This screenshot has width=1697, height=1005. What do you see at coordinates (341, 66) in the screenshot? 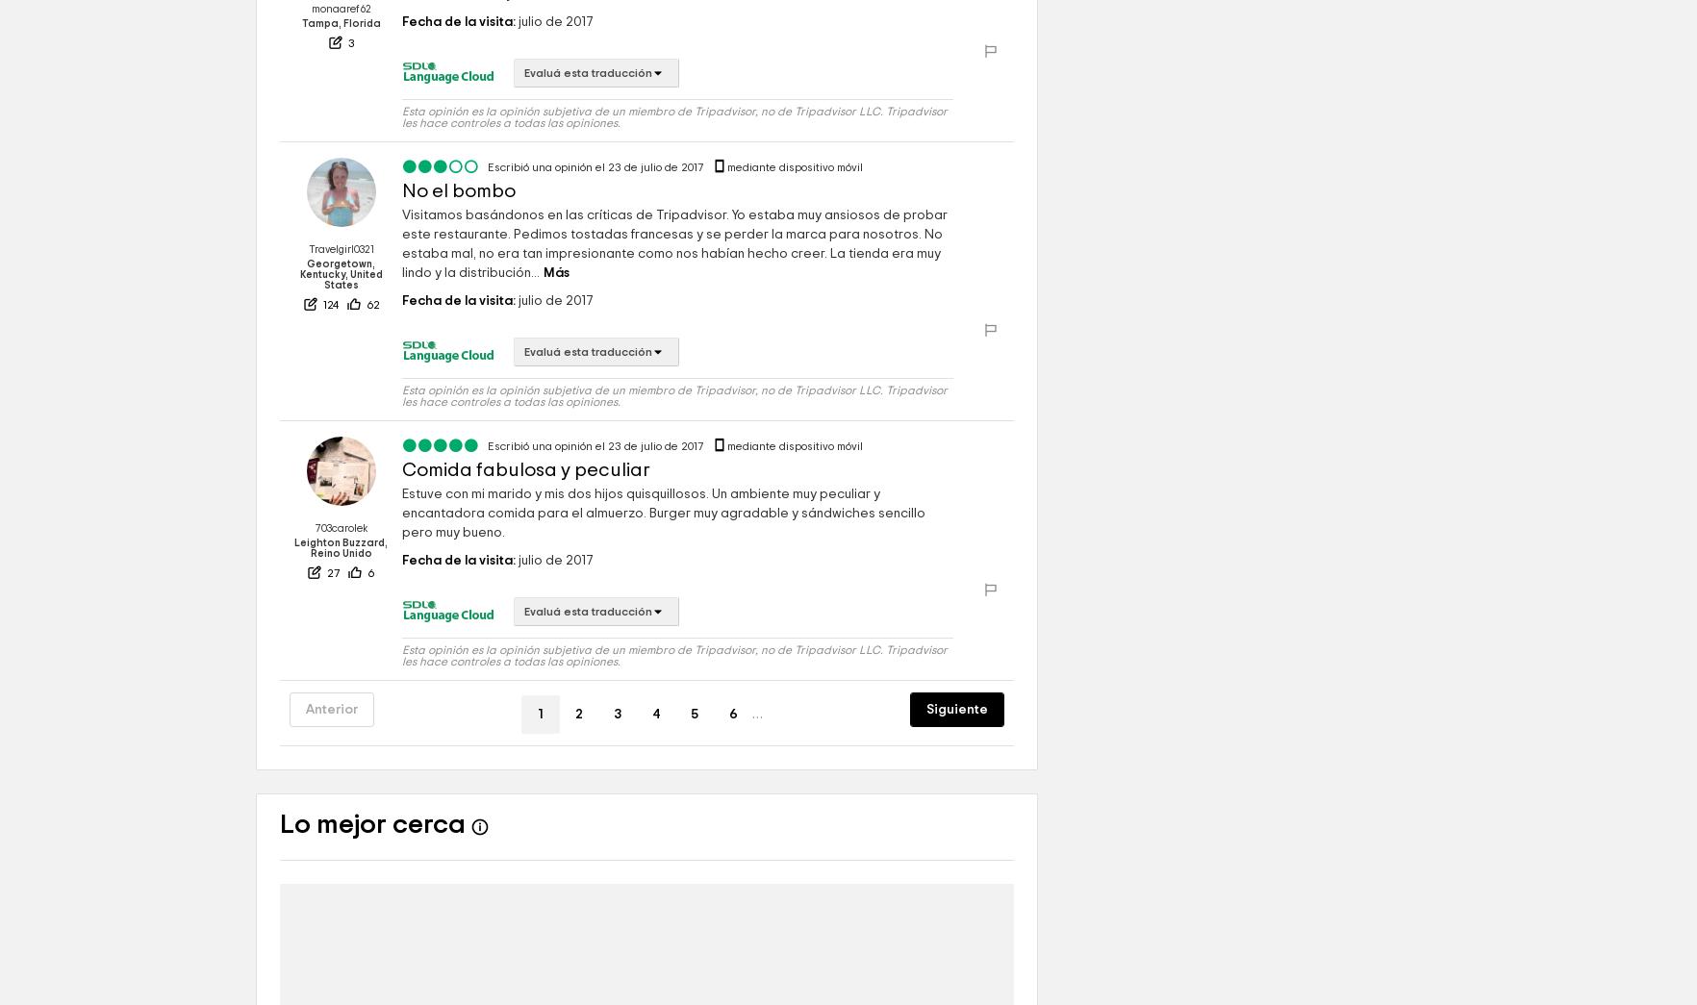
I see `'monaaref62'` at bounding box center [341, 66].